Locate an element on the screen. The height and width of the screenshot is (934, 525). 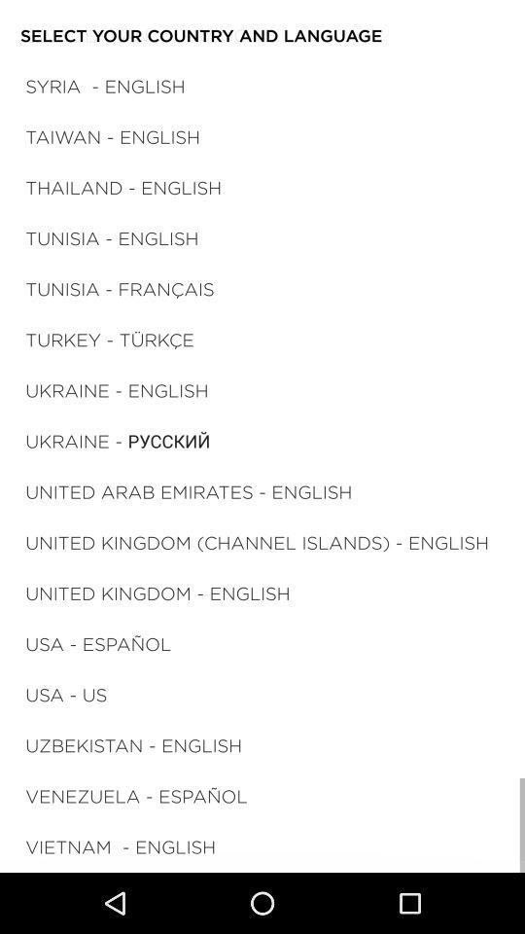
taiwan - english item is located at coordinates (113, 135).